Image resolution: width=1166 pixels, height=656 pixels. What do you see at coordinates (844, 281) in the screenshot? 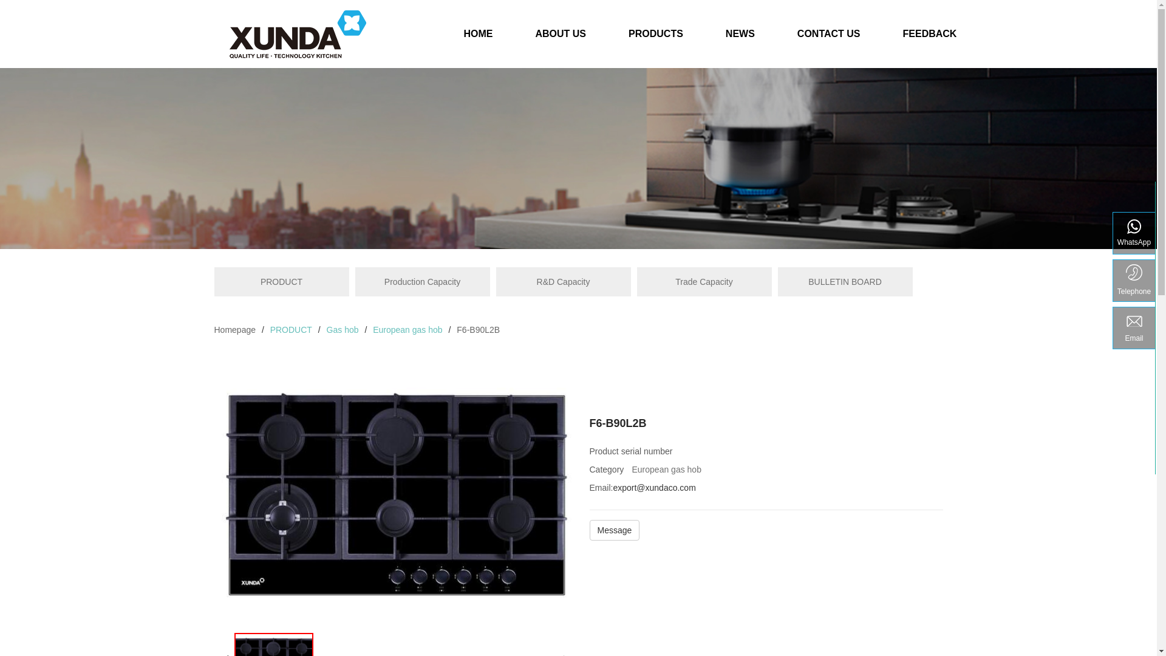
I see `'BULLETIN BOARD'` at bounding box center [844, 281].